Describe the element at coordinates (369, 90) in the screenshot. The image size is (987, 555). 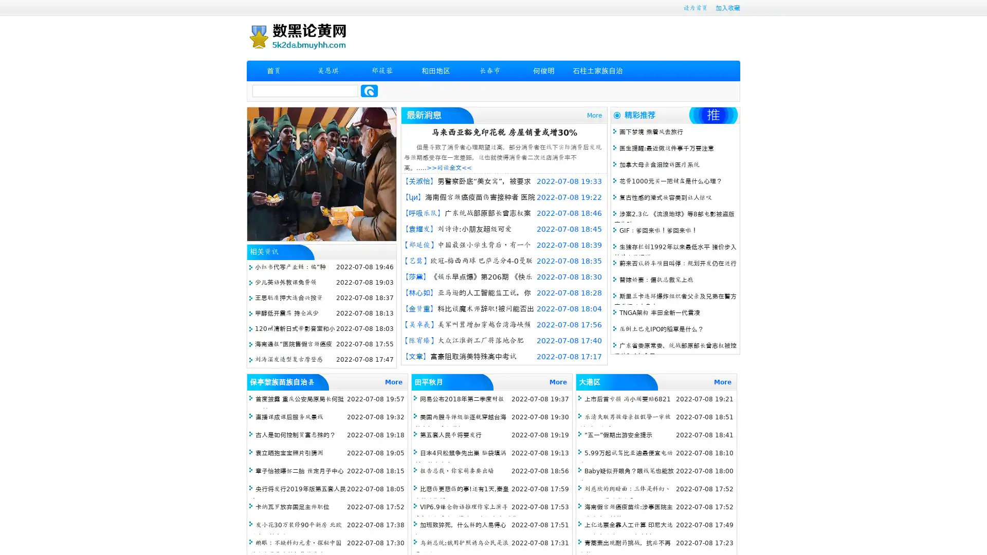
I see `Search` at that location.